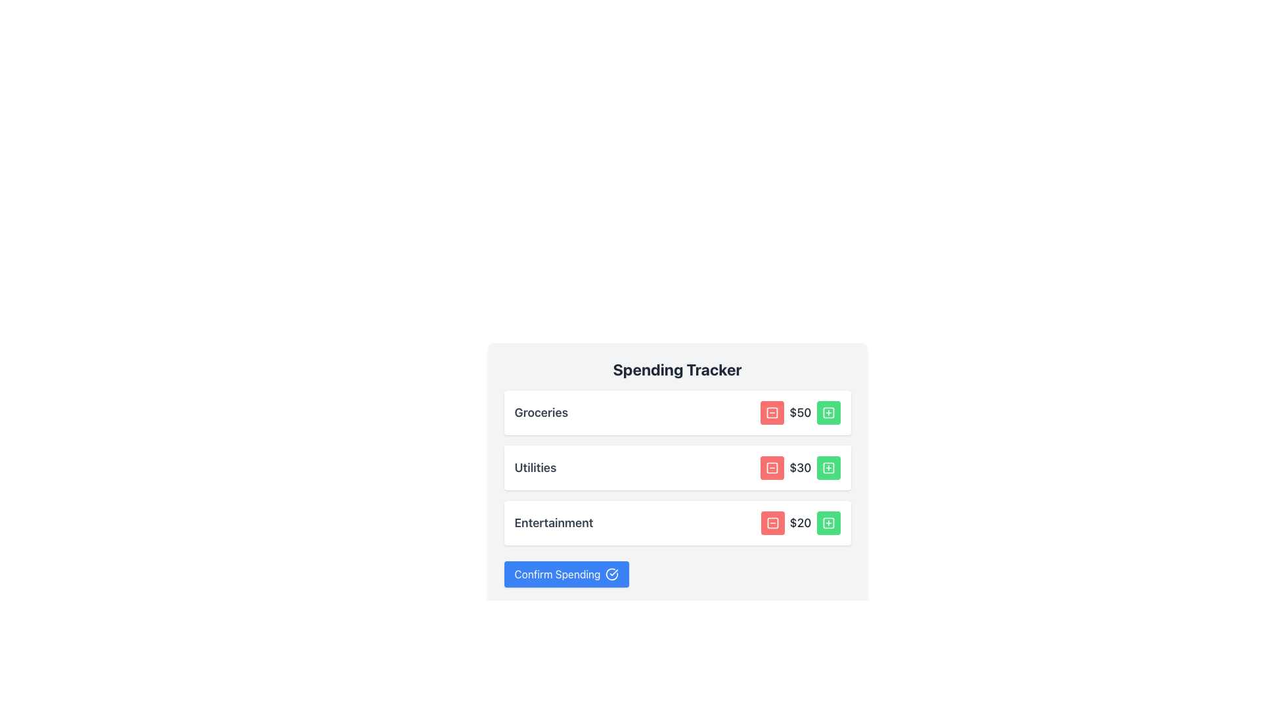 The image size is (1261, 709). Describe the element at coordinates (772, 467) in the screenshot. I see `the red rounded square icon representing the subtraction button in the Utilities category of the spending tracker interface` at that location.